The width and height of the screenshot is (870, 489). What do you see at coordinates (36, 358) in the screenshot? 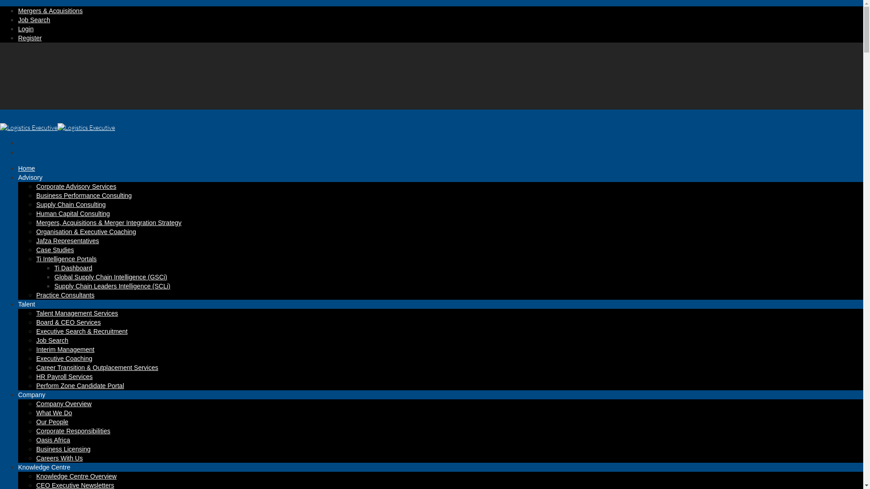
I see `'Executive Coaching'` at bounding box center [36, 358].